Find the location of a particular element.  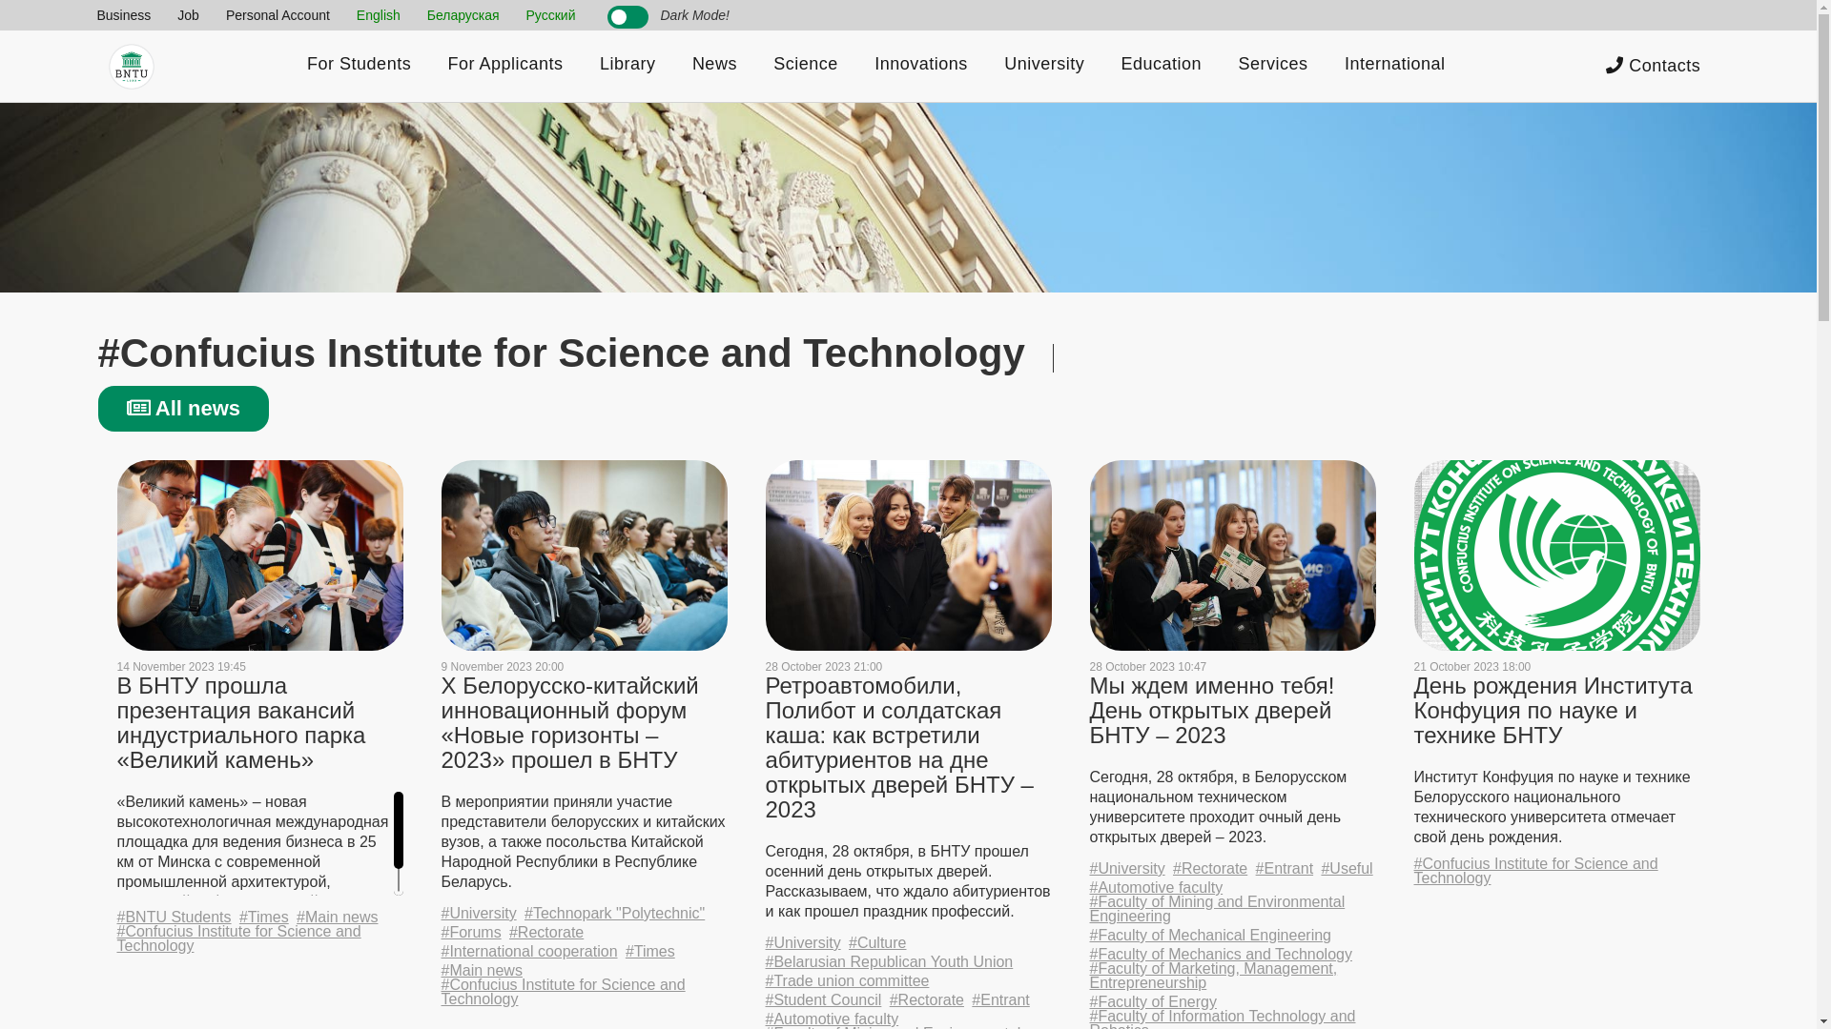

'Innovations' is located at coordinates (920, 65).